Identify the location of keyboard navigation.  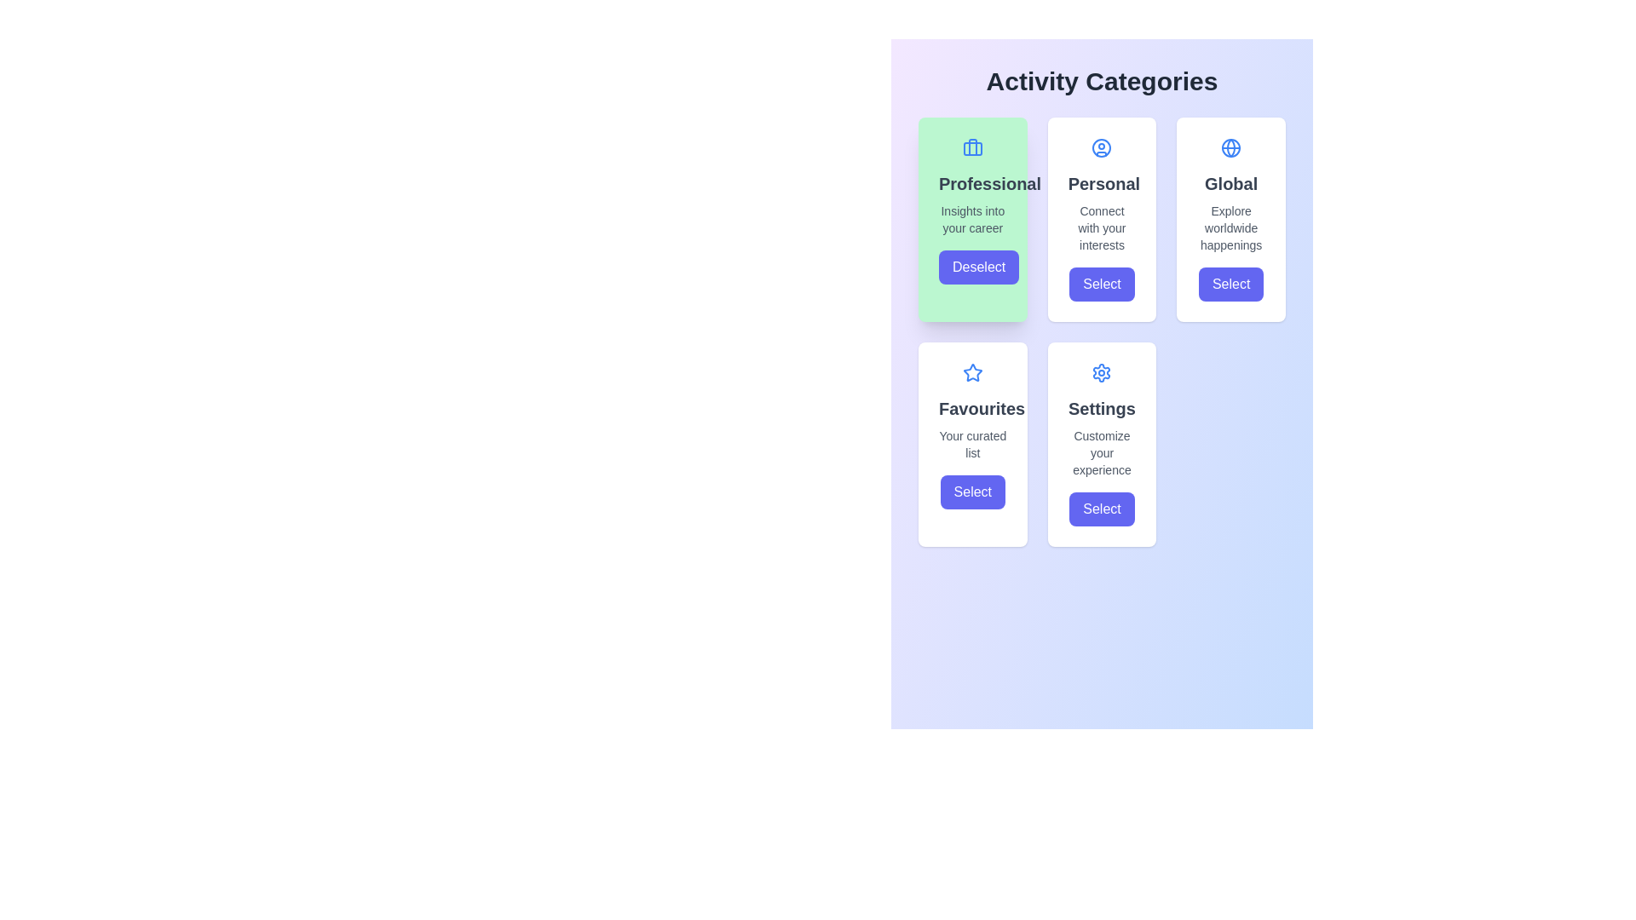
(1231, 219).